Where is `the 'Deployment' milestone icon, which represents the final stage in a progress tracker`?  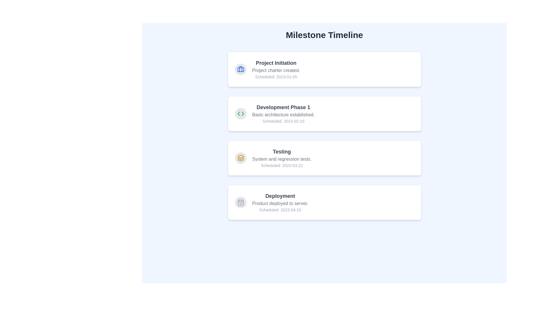
the 'Deployment' milestone icon, which represents the final stage in a progress tracker is located at coordinates (240, 202).